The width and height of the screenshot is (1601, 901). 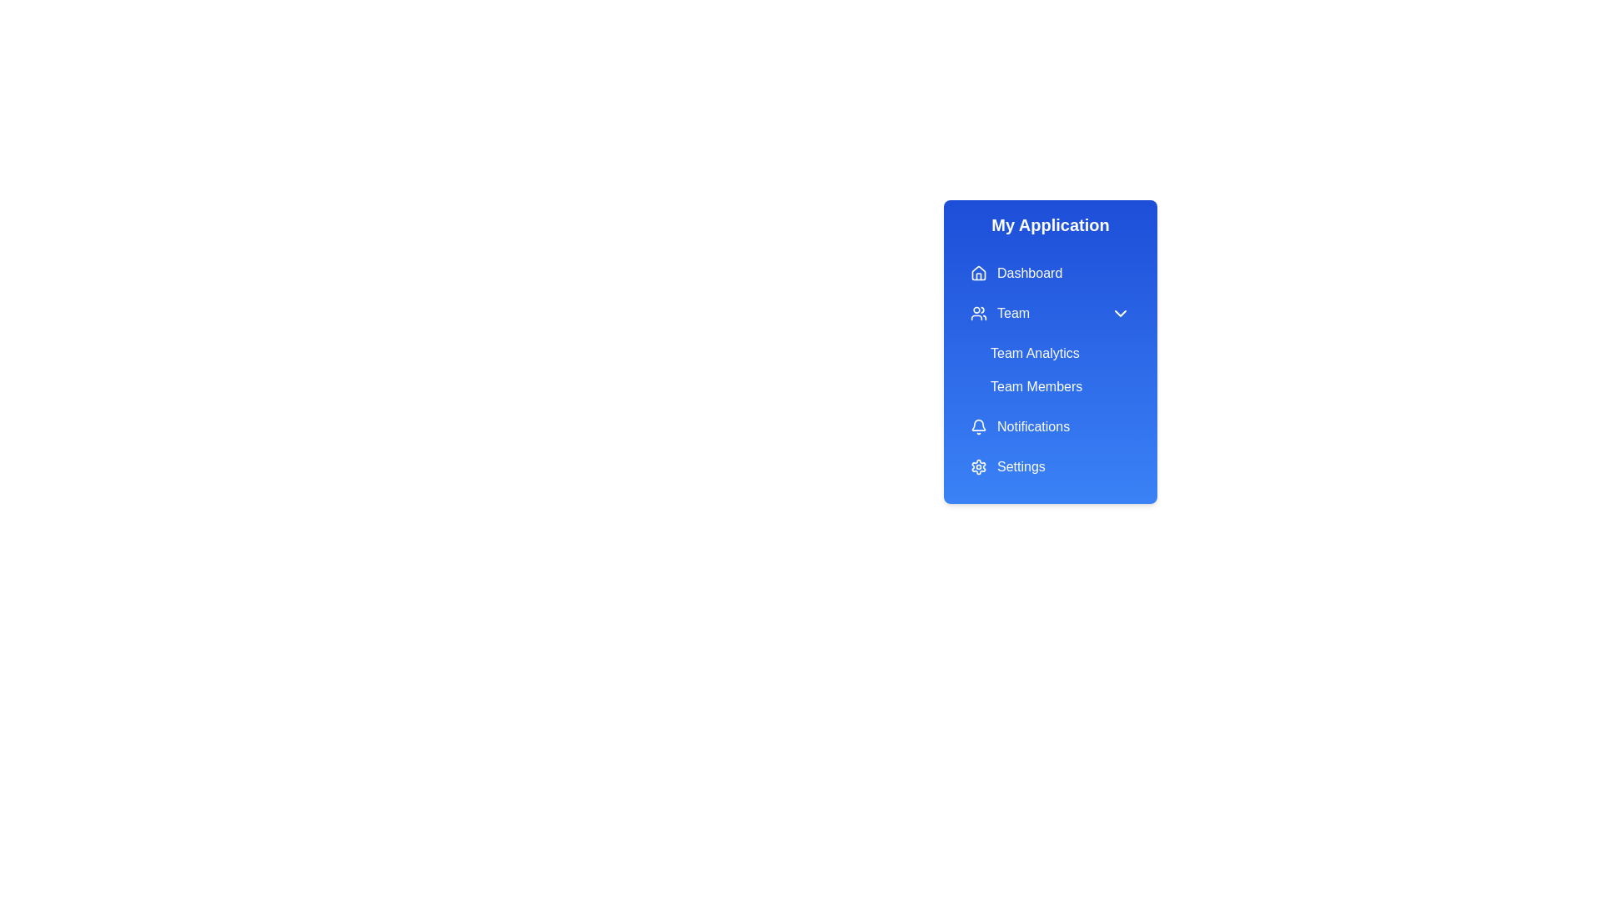 I want to click on the settings icon located in the navigation menu under 'My Application', so click(x=979, y=466).